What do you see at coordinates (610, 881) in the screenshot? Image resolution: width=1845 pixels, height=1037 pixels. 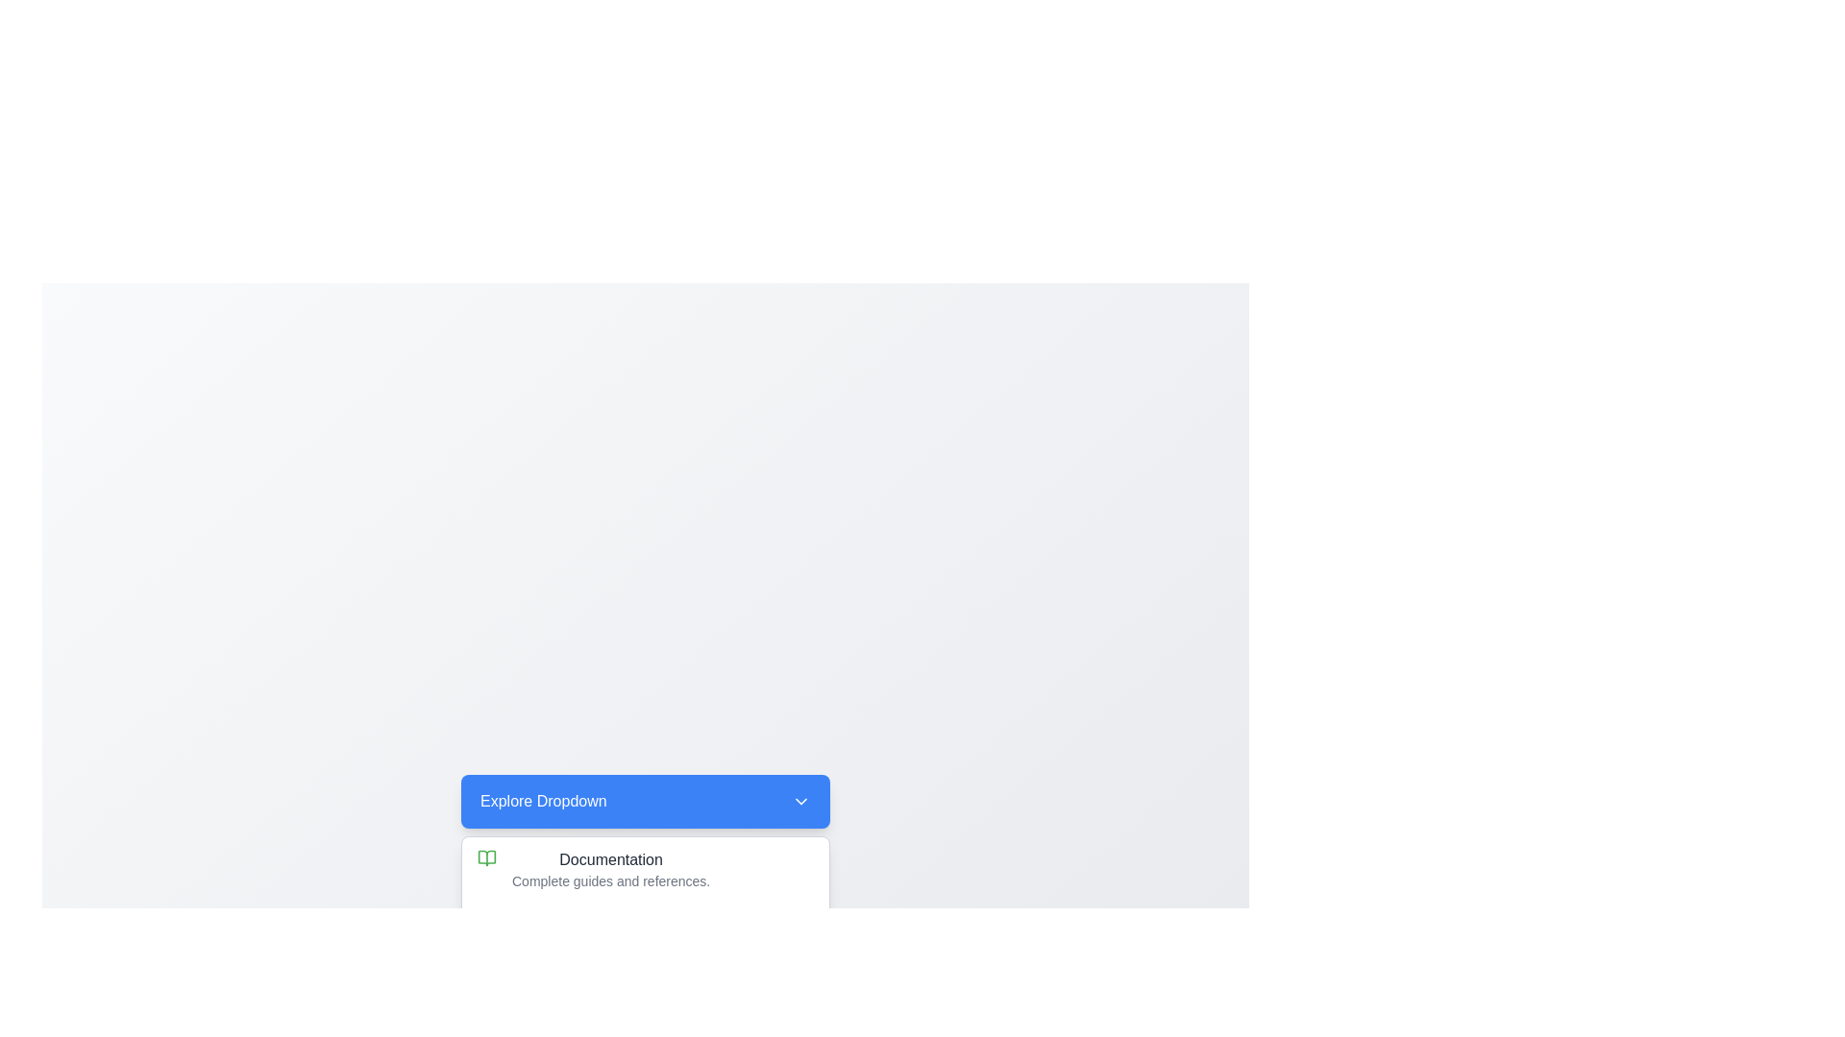 I see `the text label that reads 'Complete guides and references.' positioned underneath the 'Documentation' heading` at bounding box center [610, 881].